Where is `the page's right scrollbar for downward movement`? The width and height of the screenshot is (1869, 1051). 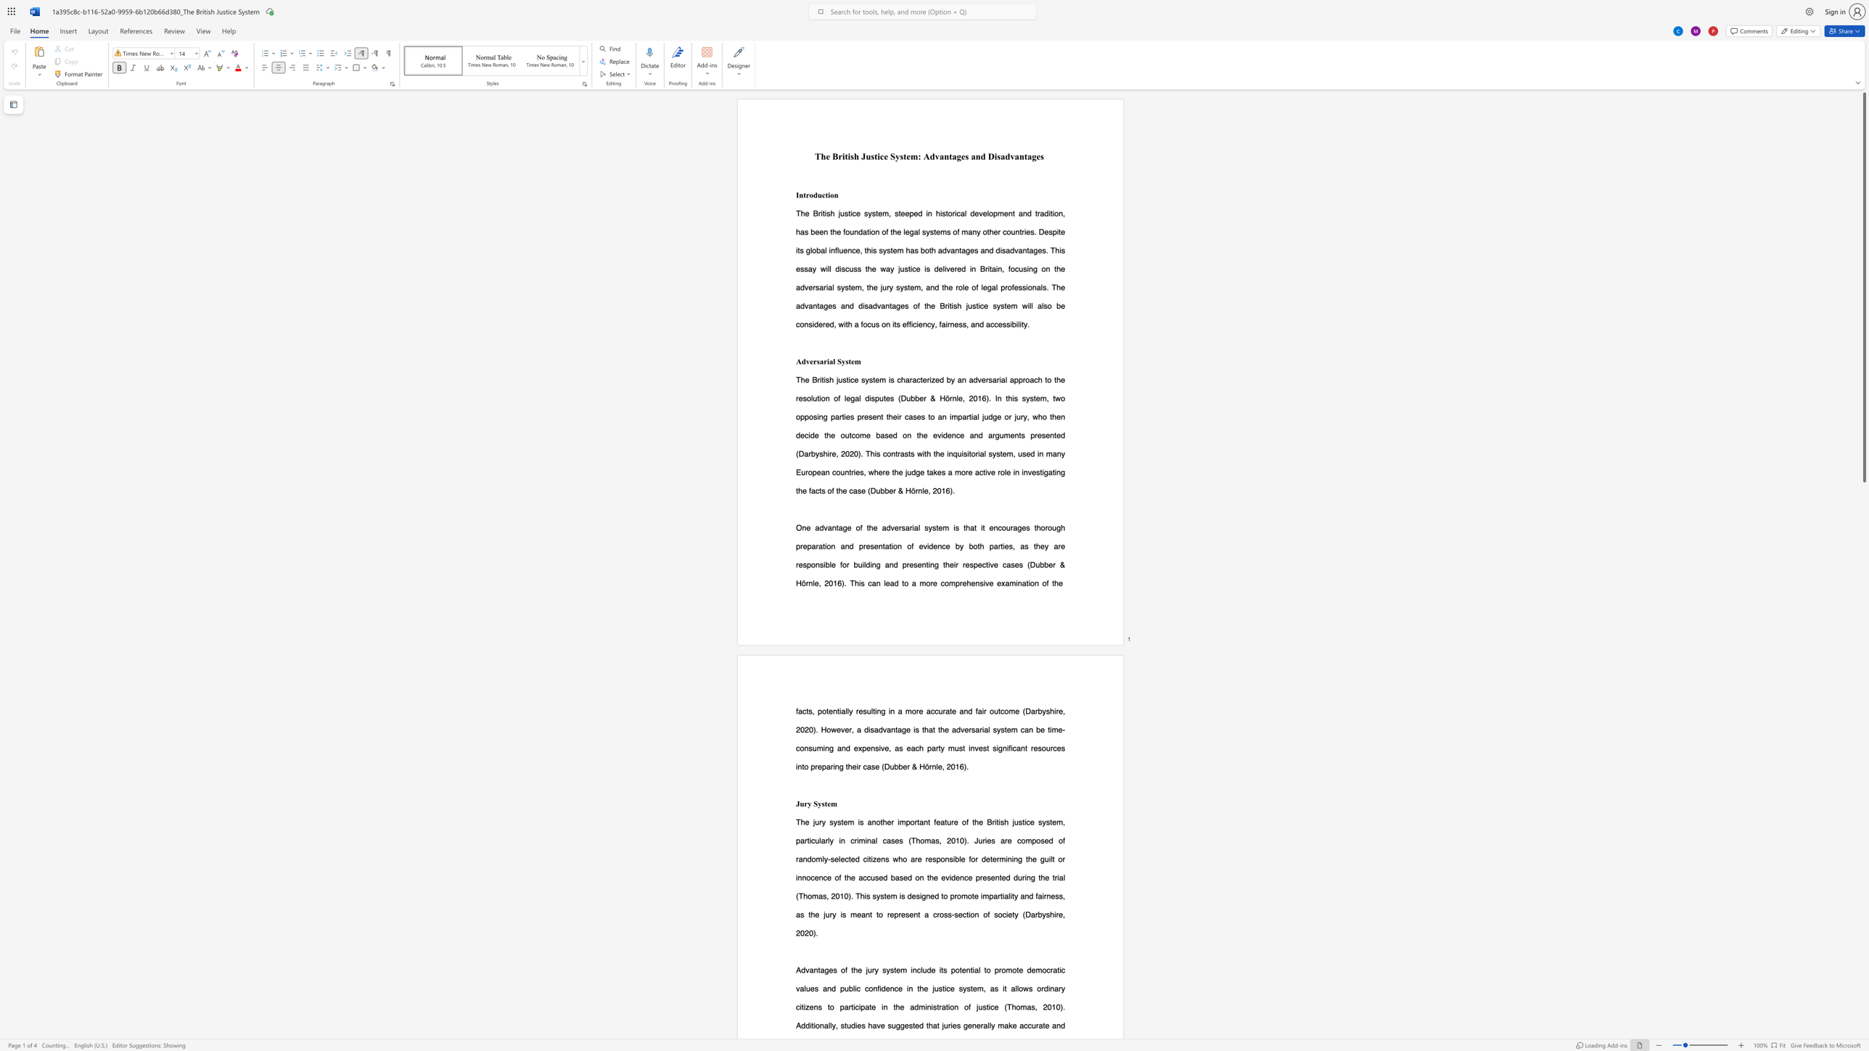 the page's right scrollbar for downward movement is located at coordinates (1863, 690).